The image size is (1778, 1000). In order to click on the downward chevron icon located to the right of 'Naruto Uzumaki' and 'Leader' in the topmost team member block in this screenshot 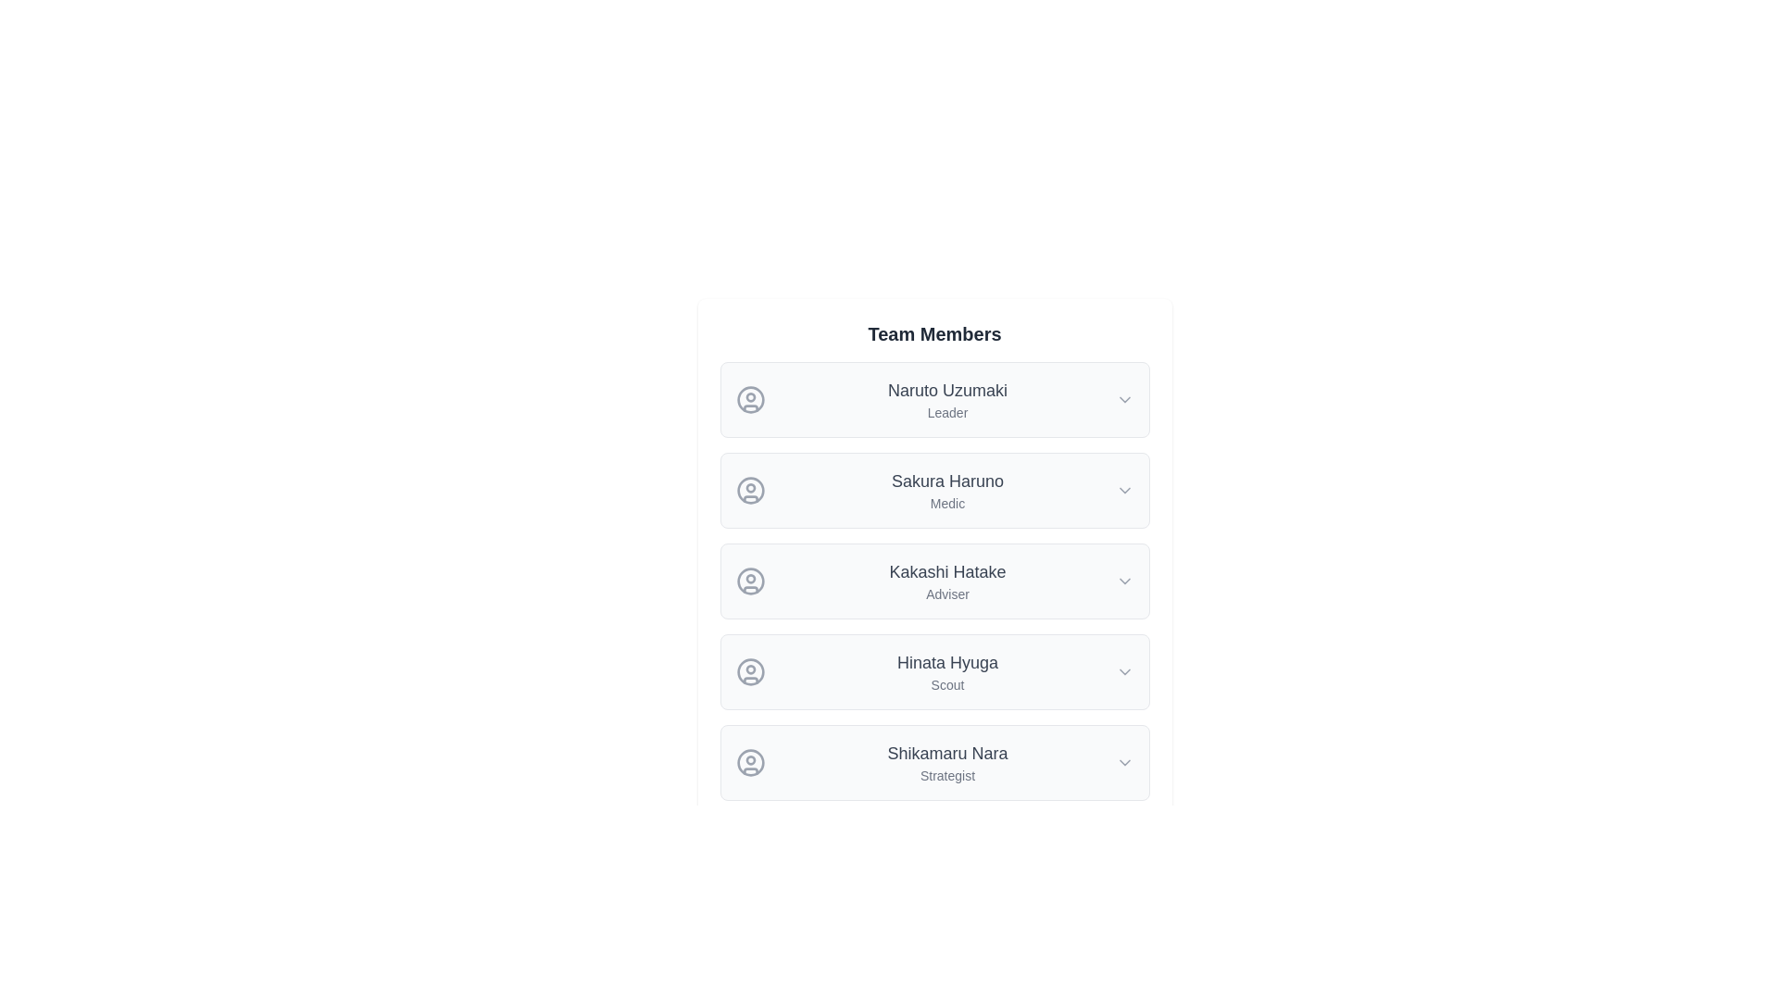, I will do `click(1123, 399)`.